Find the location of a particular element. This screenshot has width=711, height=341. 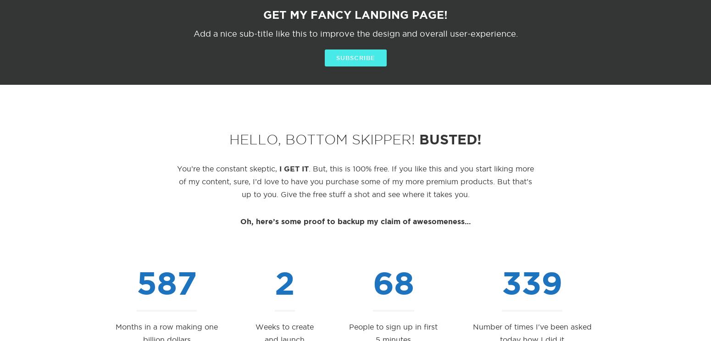

'You’re the constant skeptic,' is located at coordinates (228, 168).